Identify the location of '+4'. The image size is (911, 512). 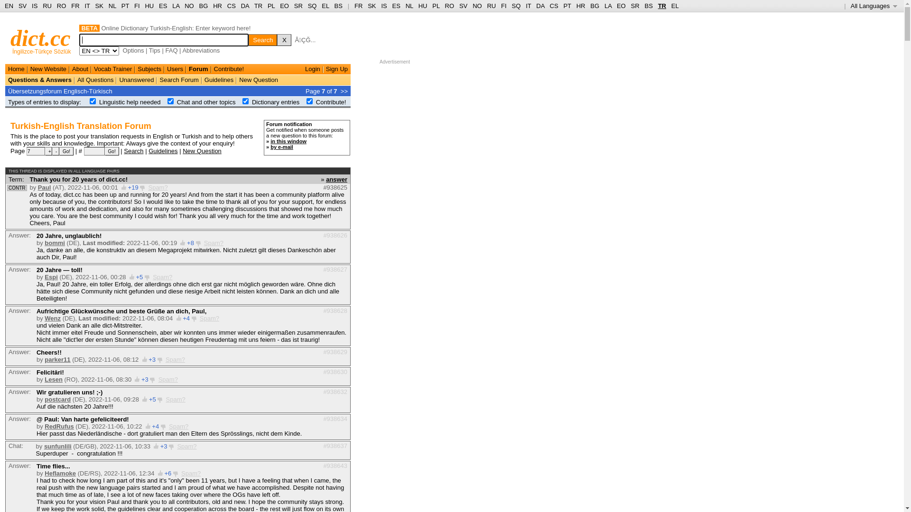
(155, 426).